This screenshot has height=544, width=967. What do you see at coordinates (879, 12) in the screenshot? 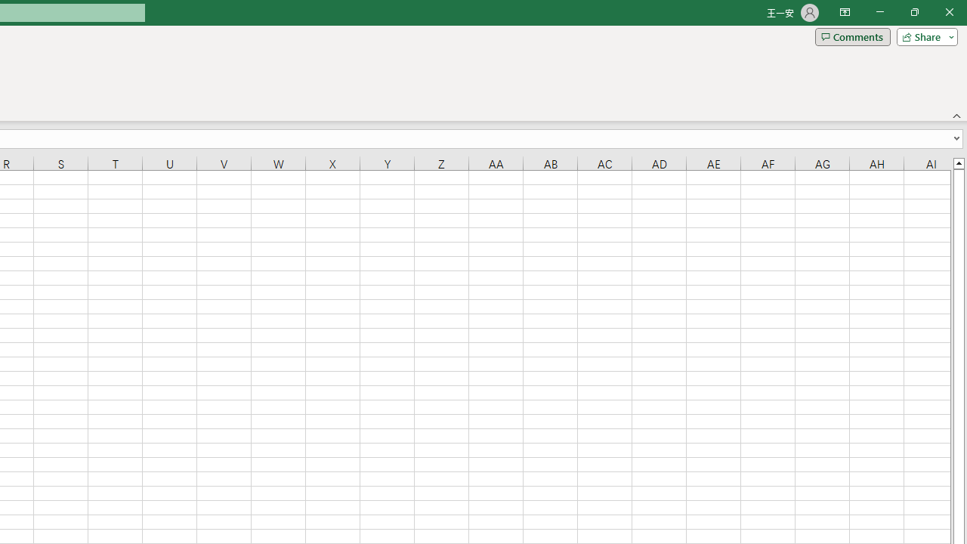
I see `'Minimize'` at bounding box center [879, 12].